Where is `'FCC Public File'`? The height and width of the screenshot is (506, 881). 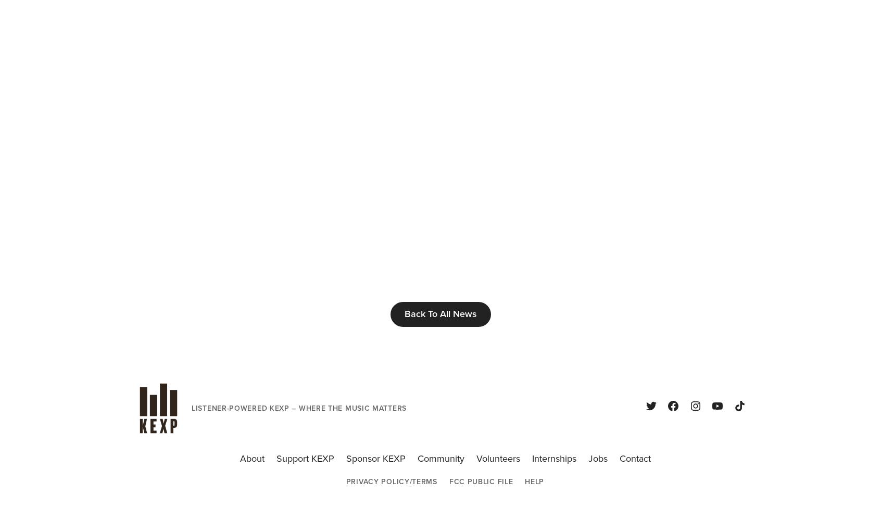
'FCC Public File' is located at coordinates (481, 481).